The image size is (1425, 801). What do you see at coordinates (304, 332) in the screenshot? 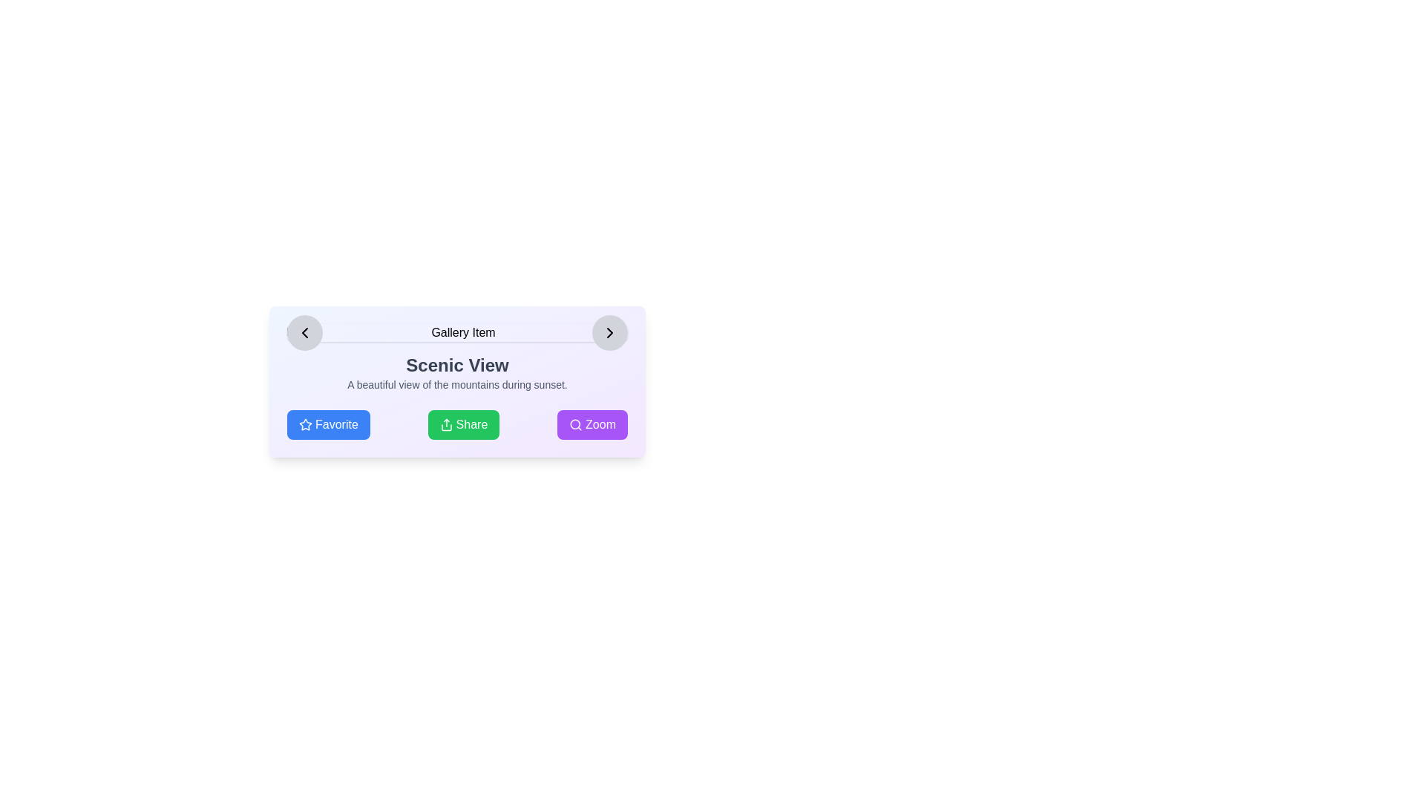
I see `the left-facing chevron icon located within the circular button on the left of the gallery item's header` at bounding box center [304, 332].